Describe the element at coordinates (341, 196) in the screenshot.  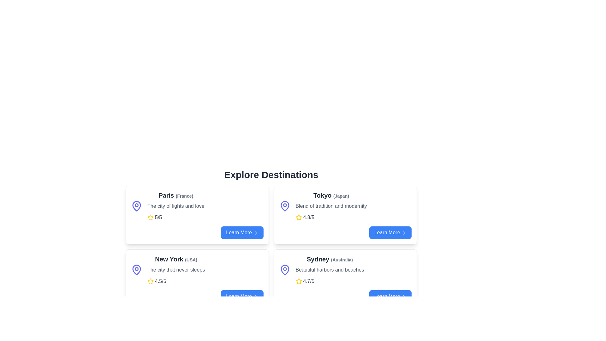
I see `the Text Label containing the text '(Japan)' which is styled in gray and located next to 'Tokyo' in the top-right card of the grid layout` at that location.